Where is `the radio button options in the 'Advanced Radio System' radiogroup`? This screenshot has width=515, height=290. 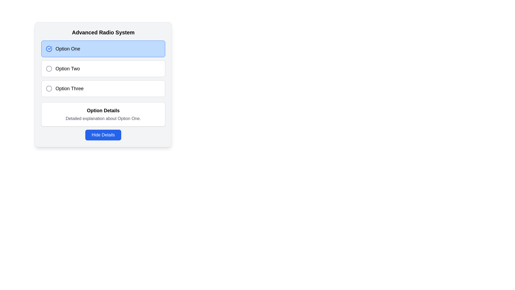 the radio button options in the 'Advanced Radio System' radiogroup is located at coordinates (103, 68).